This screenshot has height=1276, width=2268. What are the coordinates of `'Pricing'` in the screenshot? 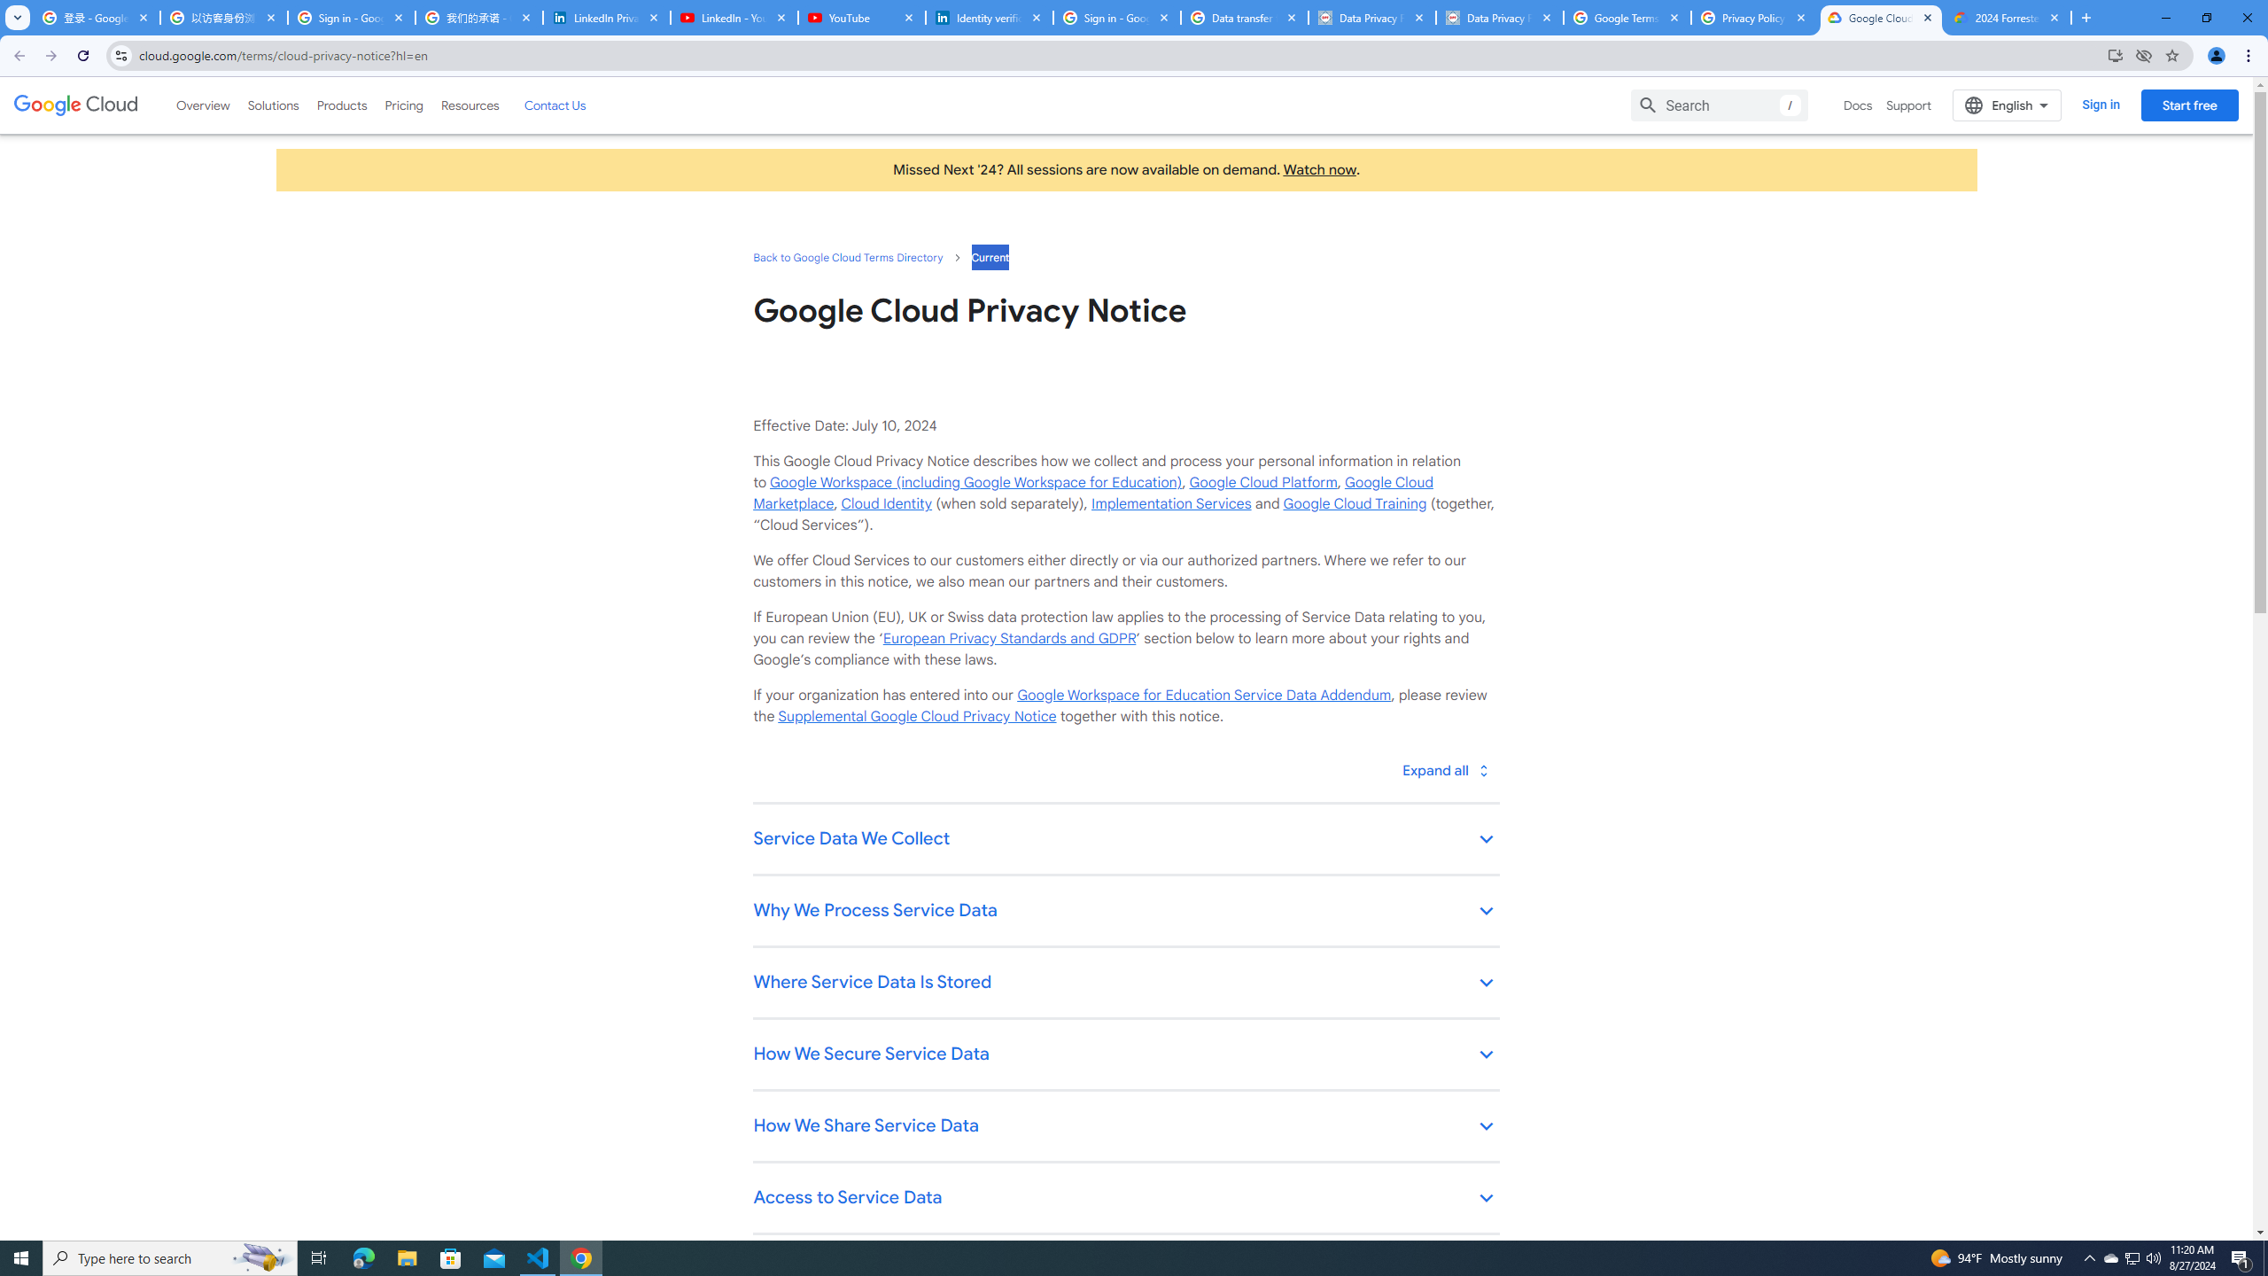 It's located at (404, 105).